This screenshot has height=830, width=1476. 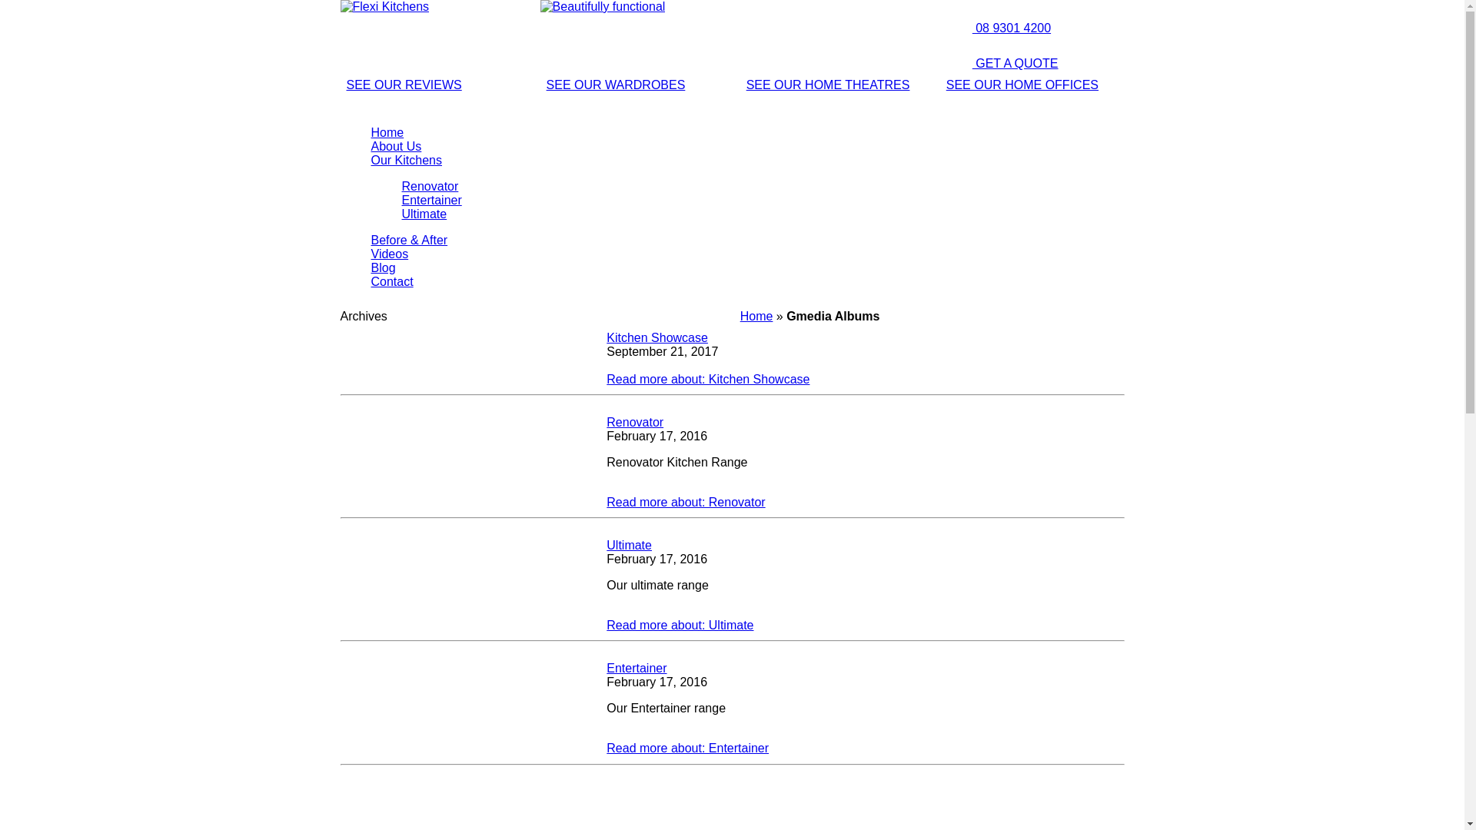 What do you see at coordinates (686, 747) in the screenshot?
I see `'Read more about: Entertainer'` at bounding box center [686, 747].